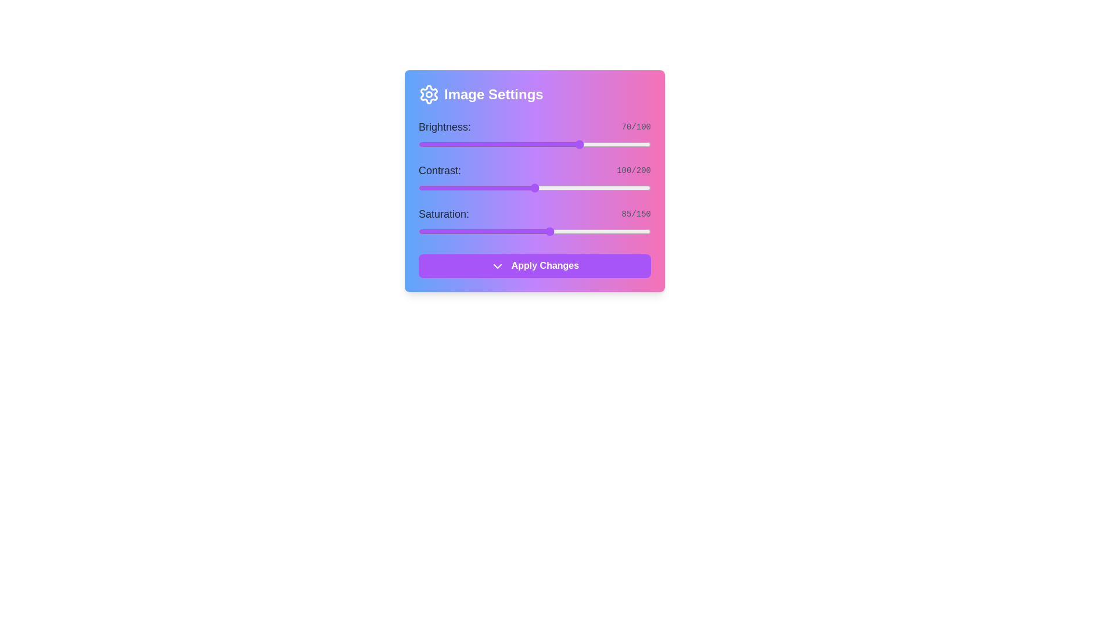 The height and width of the screenshot is (627, 1115). Describe the element at coordinates (591, 144) in the screenshot. I see `the brightness slider to set brightness to 74` at that location.